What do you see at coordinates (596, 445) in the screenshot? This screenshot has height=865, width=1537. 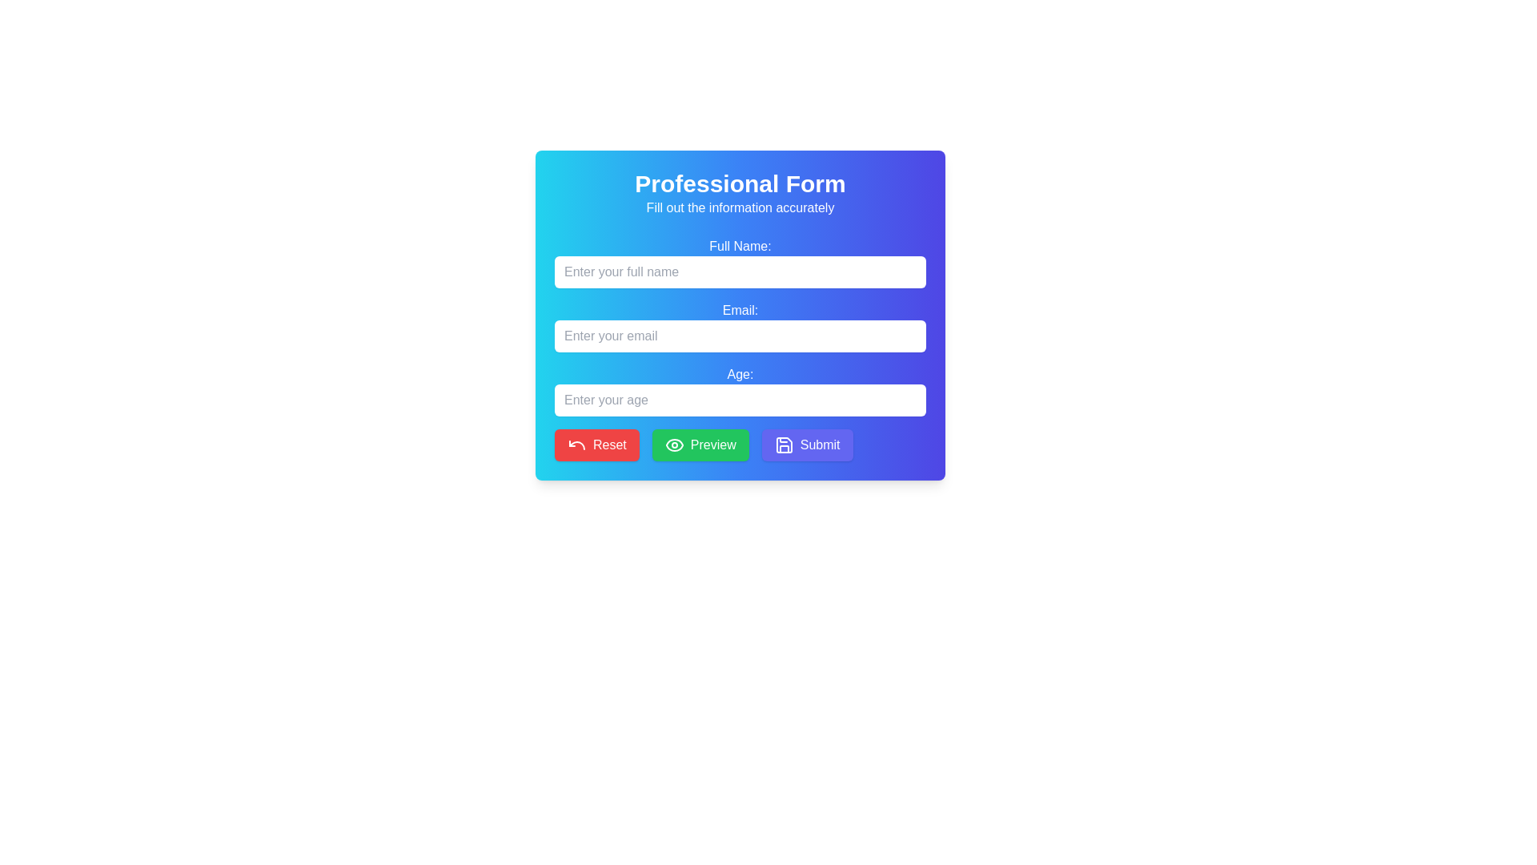 I see `the red 'Reset' button with white text and an undo icon to reset the form` at bounding box center [596, 445].